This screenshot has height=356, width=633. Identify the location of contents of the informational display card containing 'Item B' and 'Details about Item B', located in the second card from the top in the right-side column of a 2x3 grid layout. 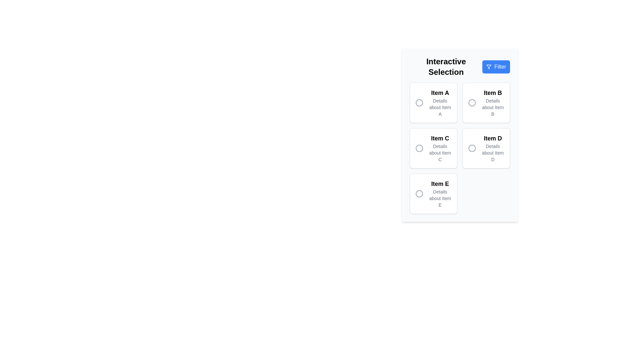
(493, 103).